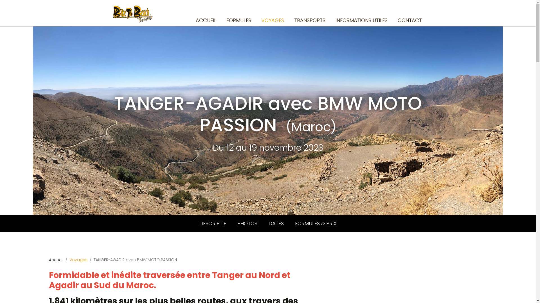 This screenshot has height=303, width=540. I want to click on 'CONTACT', so click(395, 20).